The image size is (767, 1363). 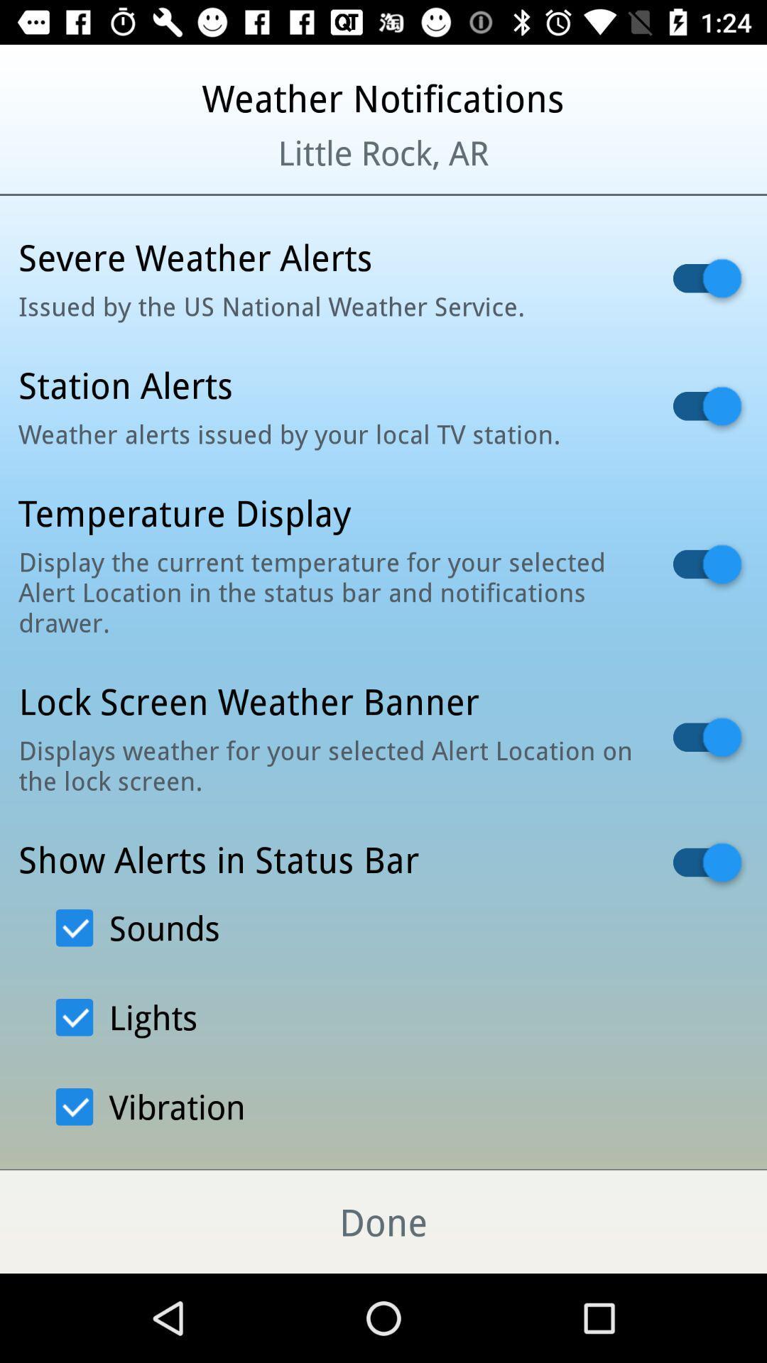 What do you see at coordinates (93, 170) in the screenshot?
I see `the item to the left of little rock, ar` at bounding box center [93, 170].